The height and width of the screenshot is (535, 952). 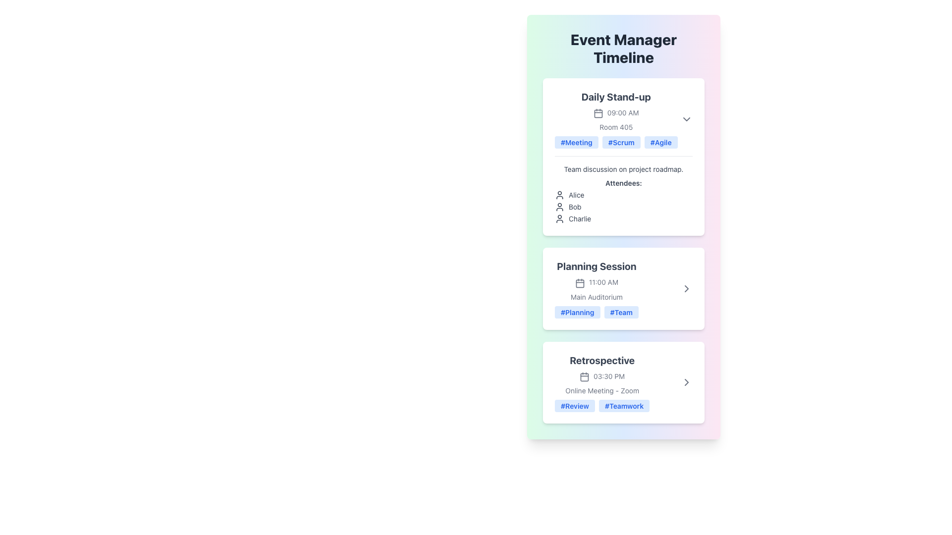 What do you see at coordinates (623, 218) in the screenshot?
I see `the user's name in the third list item under the 'Attendees' section of the 'Daily Stand-up' card, which is positioned below 'Bob'` at bounding box center [623, 218].